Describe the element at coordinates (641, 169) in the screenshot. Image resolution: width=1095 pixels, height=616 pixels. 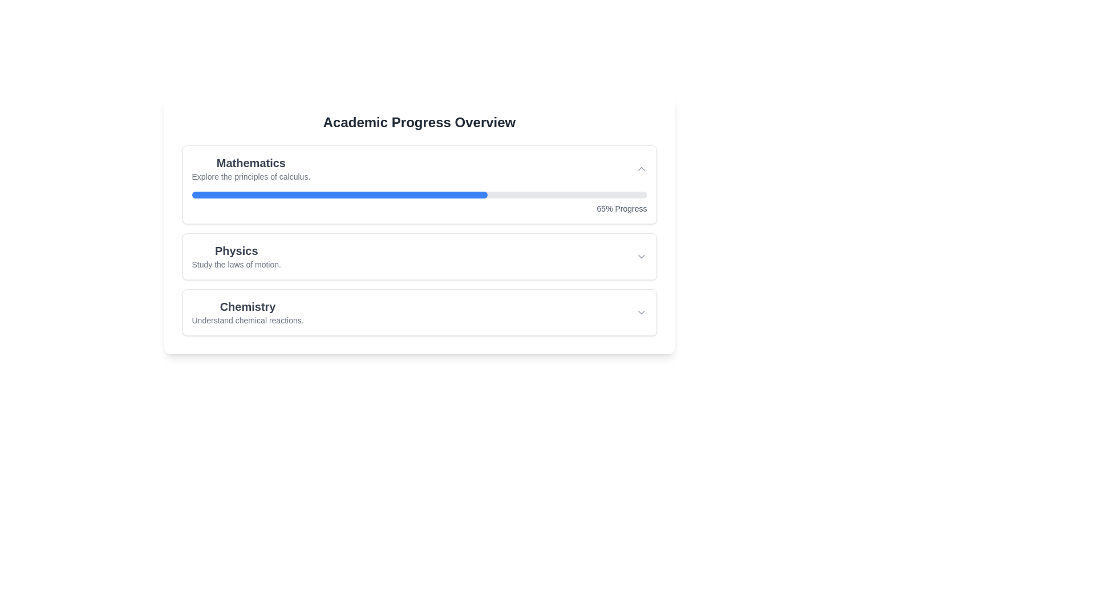
I see `the toggle button on the far-right side of the 'Mathematics' section header to change its visibility` at that location.